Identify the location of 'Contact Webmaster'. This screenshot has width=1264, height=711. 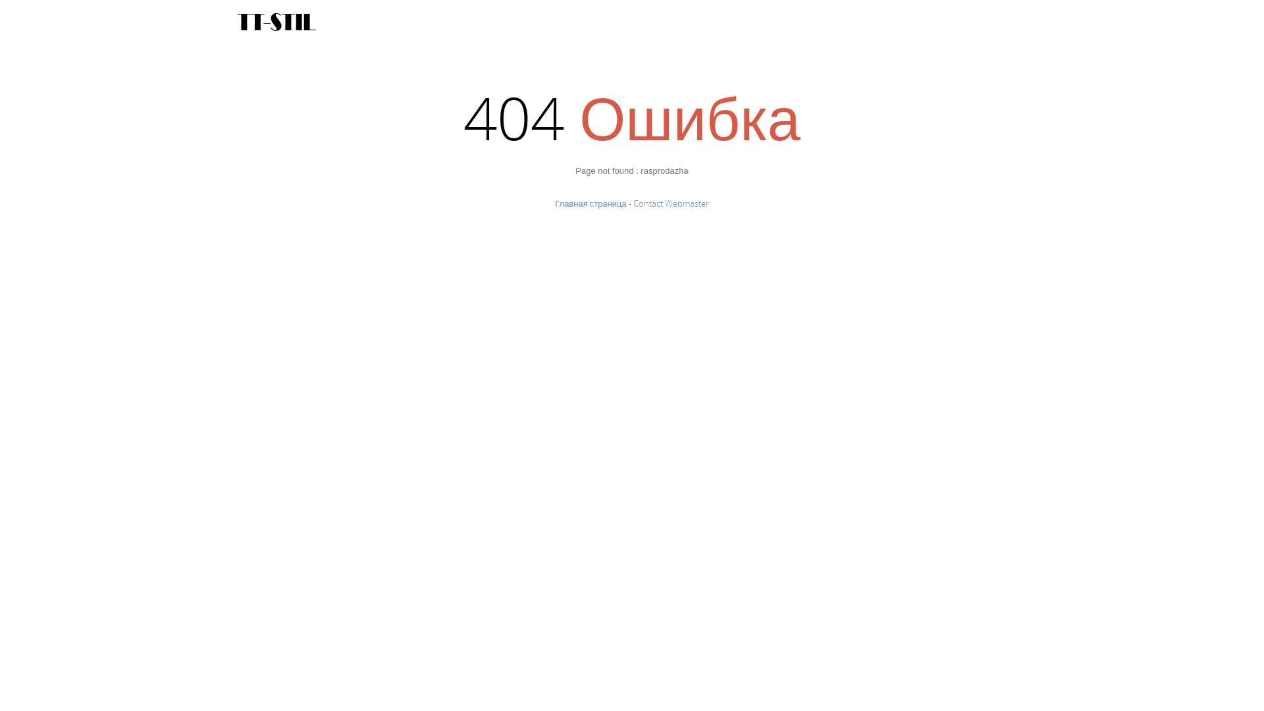
(671, 203).